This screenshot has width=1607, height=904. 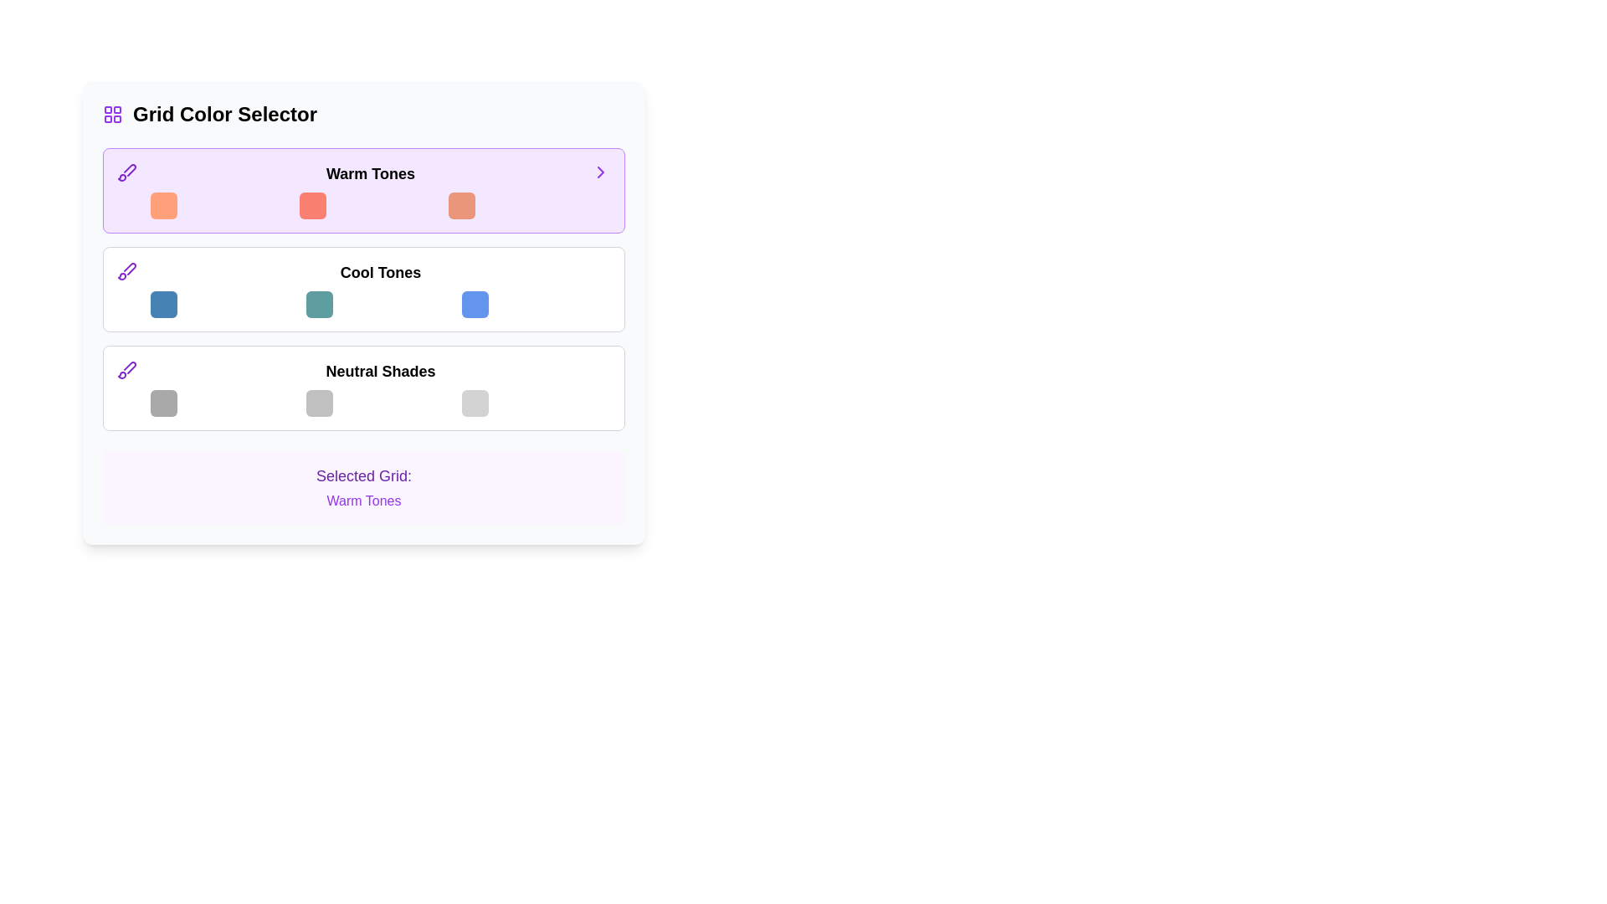 I want to click on the first button-like selectable tile in the 'Neutral Shades' category, so click(x=164, y=403).